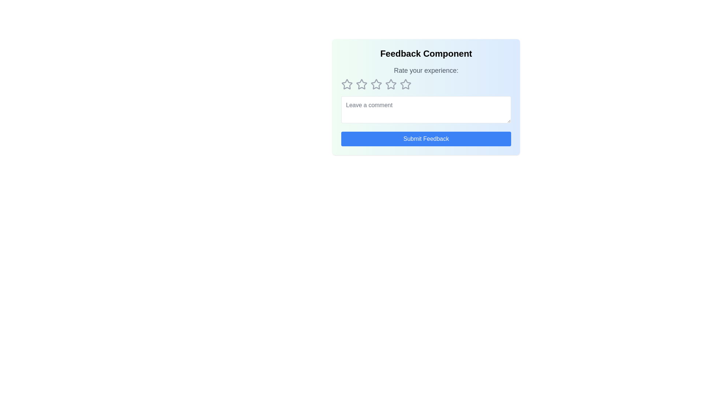 The image size is (703, 395). What do you see at coordinates (405, 84) in the screenshot?
I see `the fourth star icon in the horizontal row of five stars used for rating` at bounding box center [405, 84].